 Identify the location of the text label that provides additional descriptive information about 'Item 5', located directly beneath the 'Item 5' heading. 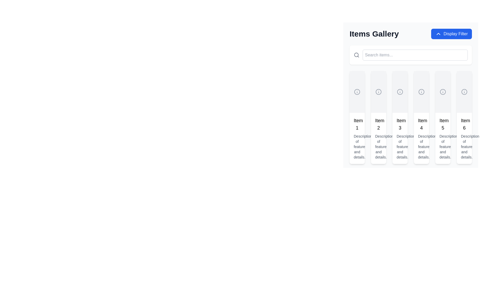
(443, 147).